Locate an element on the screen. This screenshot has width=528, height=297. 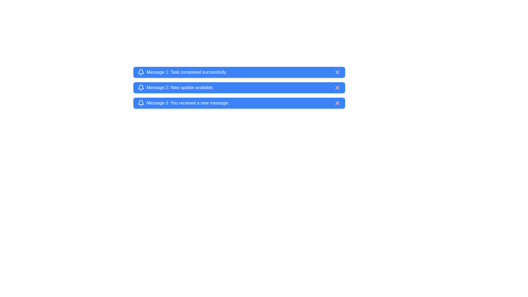
the Close button icon located at the rightmost end of the top notification banner is located at coordinates (337, 72).